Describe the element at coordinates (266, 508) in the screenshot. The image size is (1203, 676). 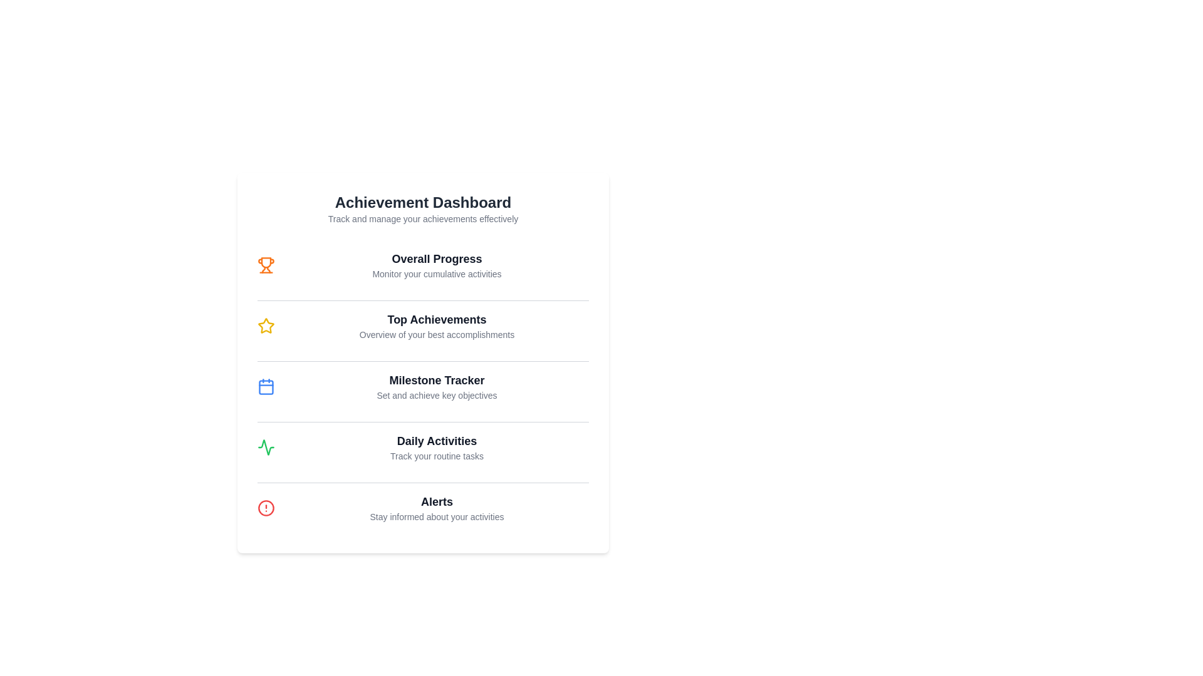
I see `the central part of the alert icon in the 'Alerts' section, which symbolizes important notifications or warnings` at that location.